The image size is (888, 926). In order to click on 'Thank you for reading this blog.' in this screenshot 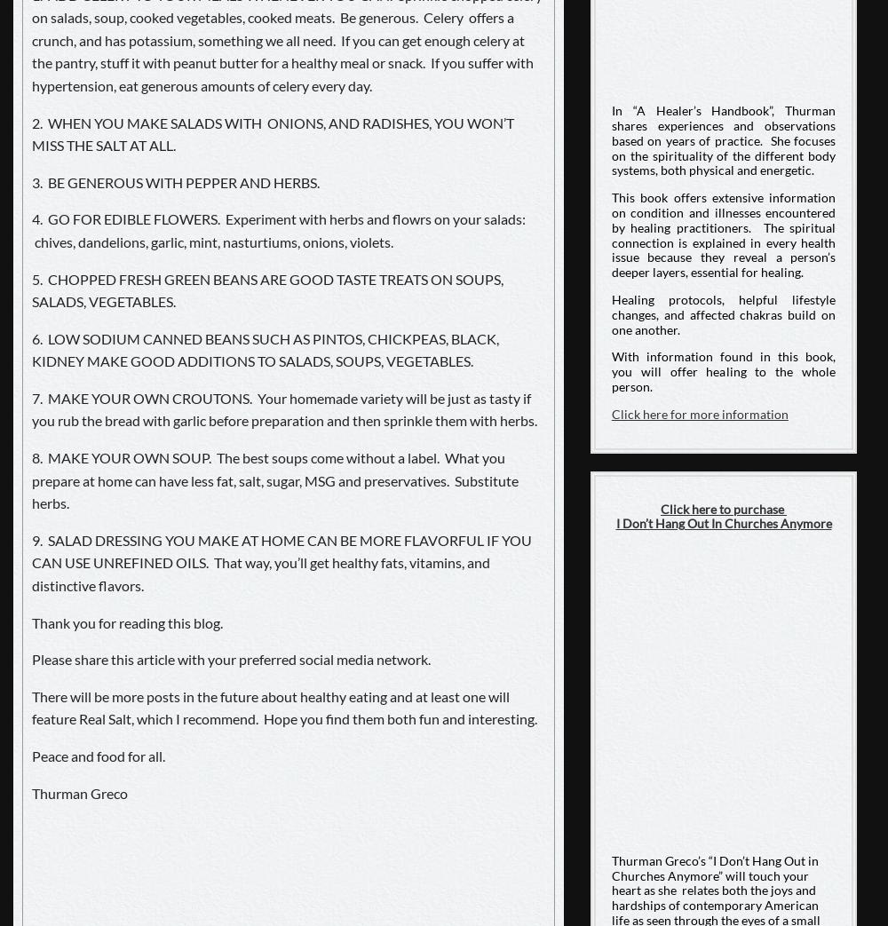, I will do `click(127, 621)`.